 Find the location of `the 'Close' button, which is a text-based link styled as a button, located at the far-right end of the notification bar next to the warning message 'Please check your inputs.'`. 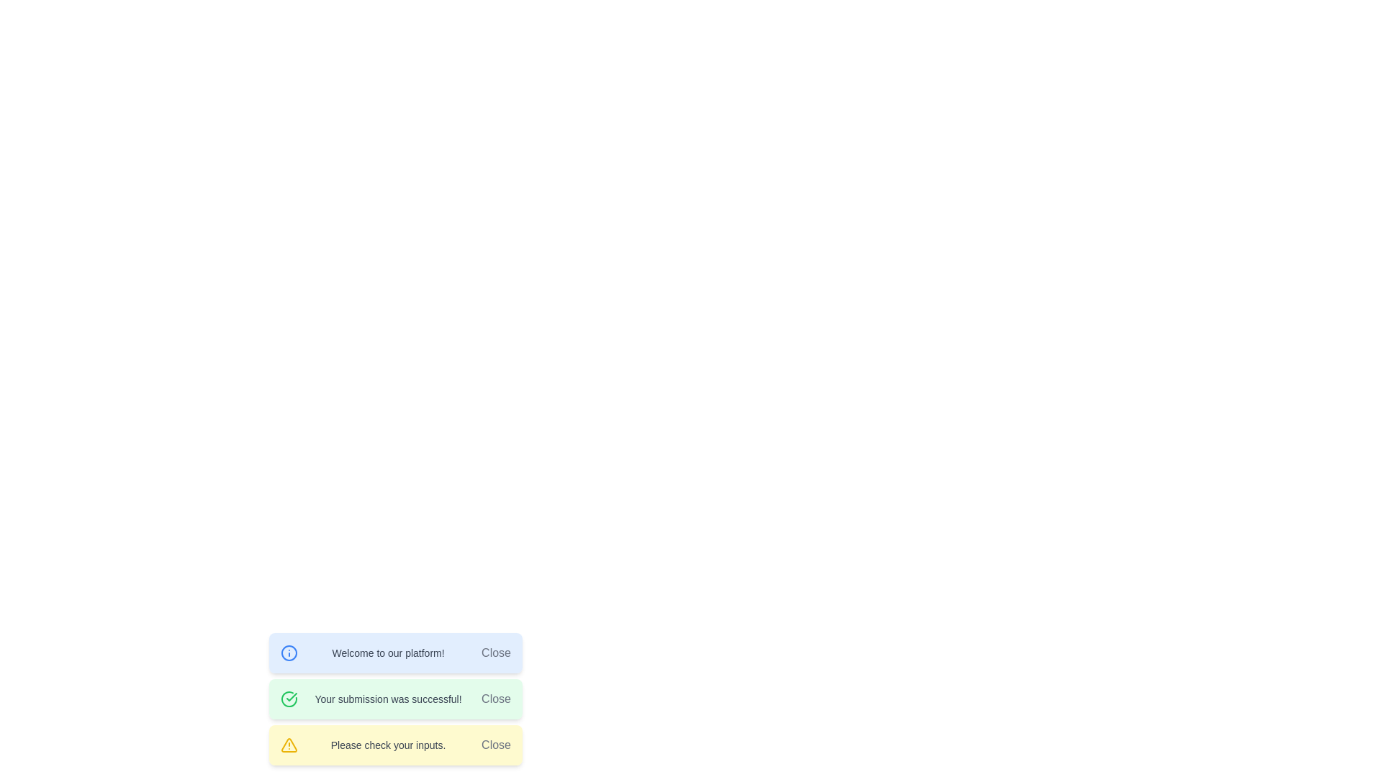

the 'Close' button, which is a text-based link styled as a button, located at the far-right end of the notification bar next to the warning message 'Please check your inputs.' is located at coordinates (496, 745).